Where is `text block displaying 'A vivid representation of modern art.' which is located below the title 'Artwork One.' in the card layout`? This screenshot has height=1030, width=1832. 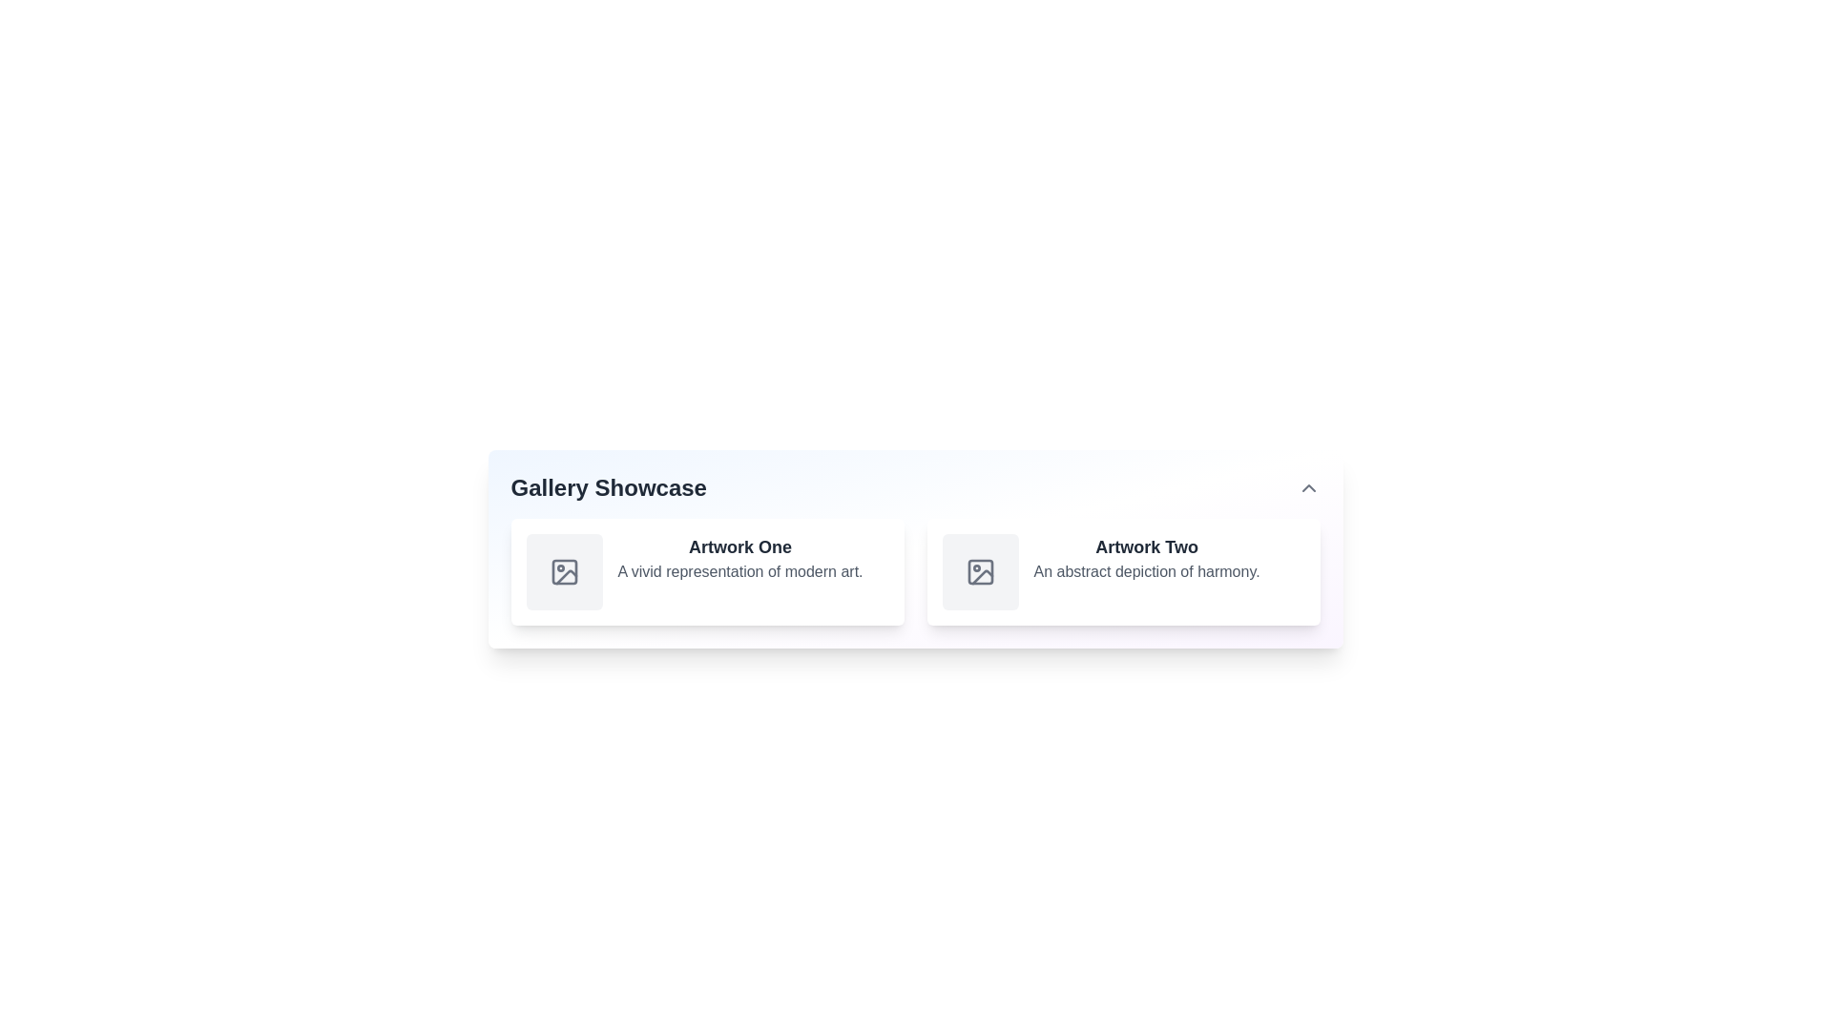
text block displaying 'A vivid representation of modern art.' which is located below the title 'Artwork One.' in the card layout is located at coordinates (739, 571).